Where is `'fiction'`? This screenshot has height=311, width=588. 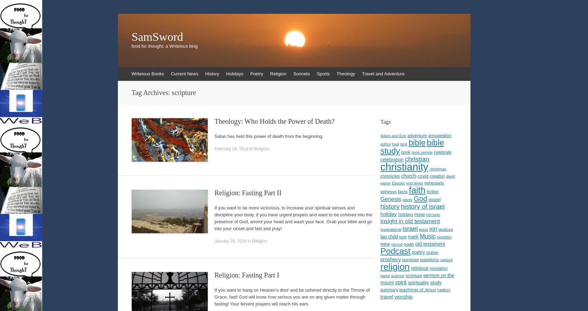
'fiction' is located at coordinates (432, 191).